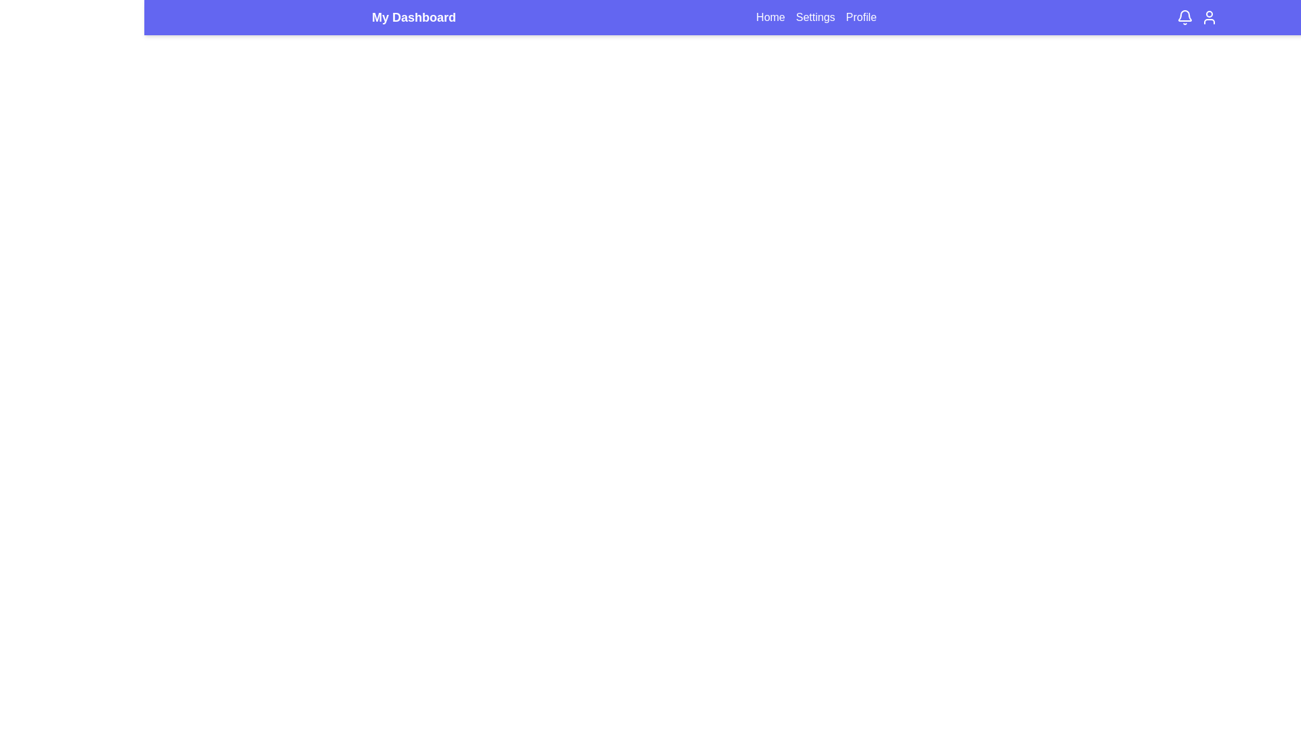  Describe the element at coordinates (814, 18) in the screenshot. I see `the 'Settings' navigation menu item, which is the second item in the navigation menu, allowing access to the Settings section of the application` at that location.